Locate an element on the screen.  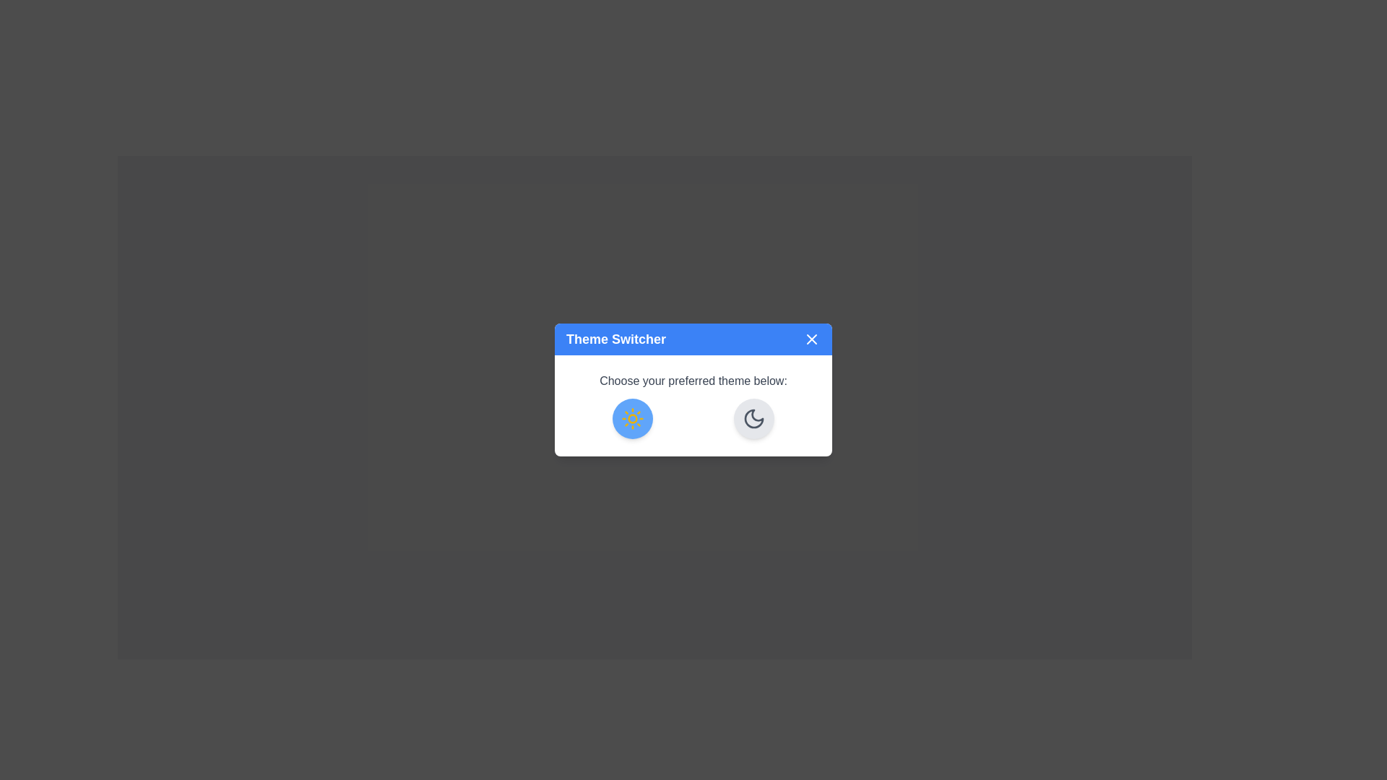
the dark mode switch button located on the right side of the Theme Switcher interface is located at coordinates (753, 418).